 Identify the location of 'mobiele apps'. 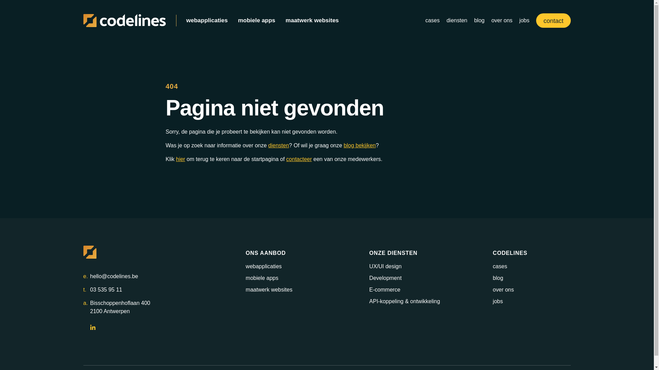
(256, 20).